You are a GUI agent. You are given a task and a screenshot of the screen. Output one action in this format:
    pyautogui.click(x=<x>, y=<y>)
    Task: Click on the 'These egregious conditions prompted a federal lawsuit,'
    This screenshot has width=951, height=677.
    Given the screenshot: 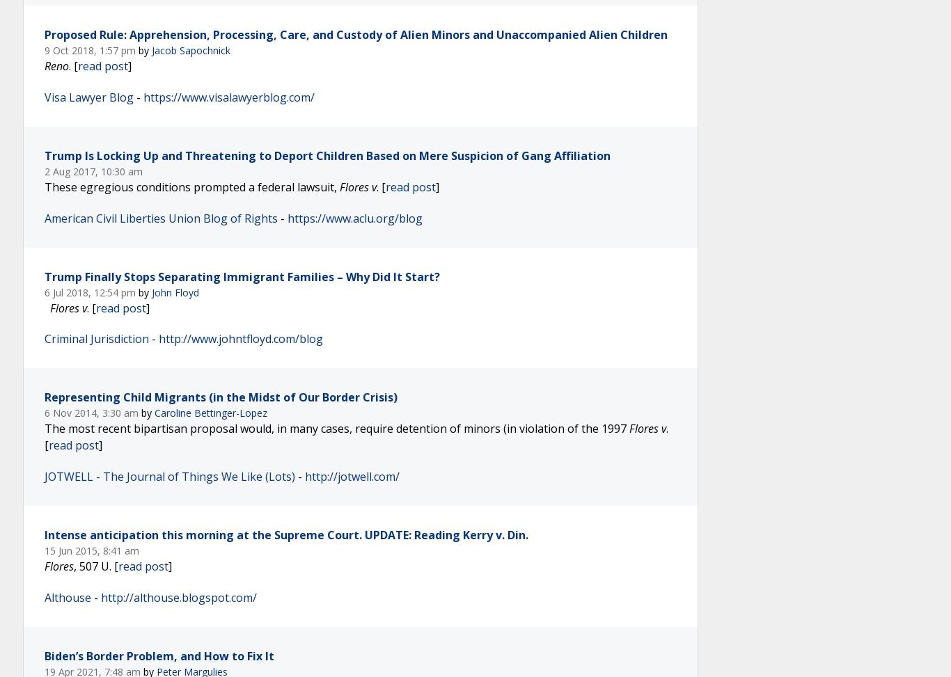 What is the action you would take?
    pyautogui.click(x=191, y=185)
    